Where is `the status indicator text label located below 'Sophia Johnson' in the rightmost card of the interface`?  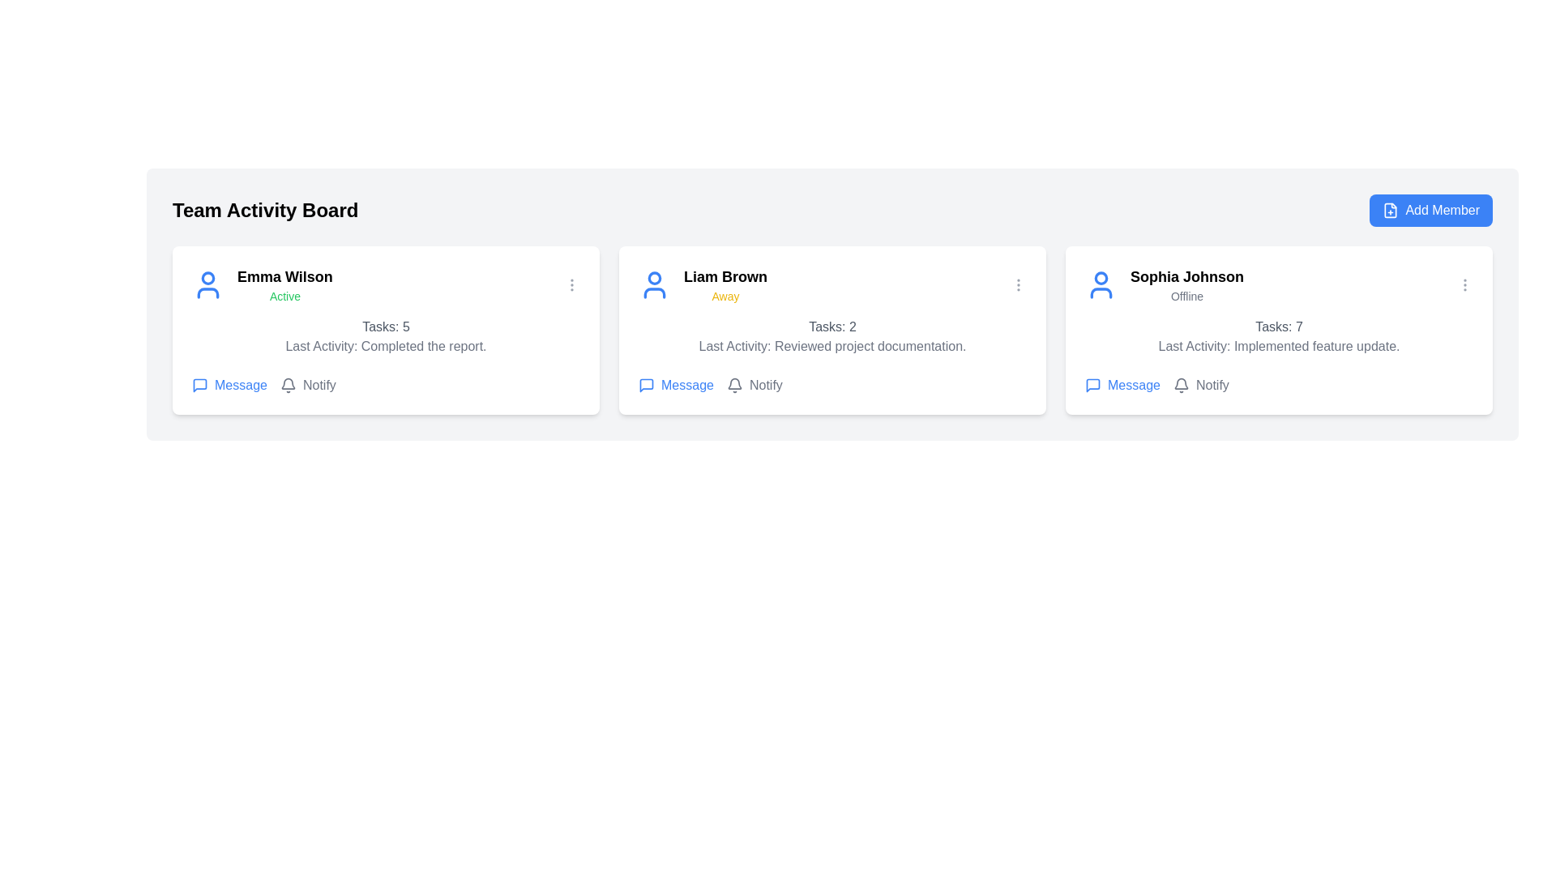 the status indicator text label located below 'Sophia Johnson' in the rightmost card of the interface is located at coordinates (1186, 297).